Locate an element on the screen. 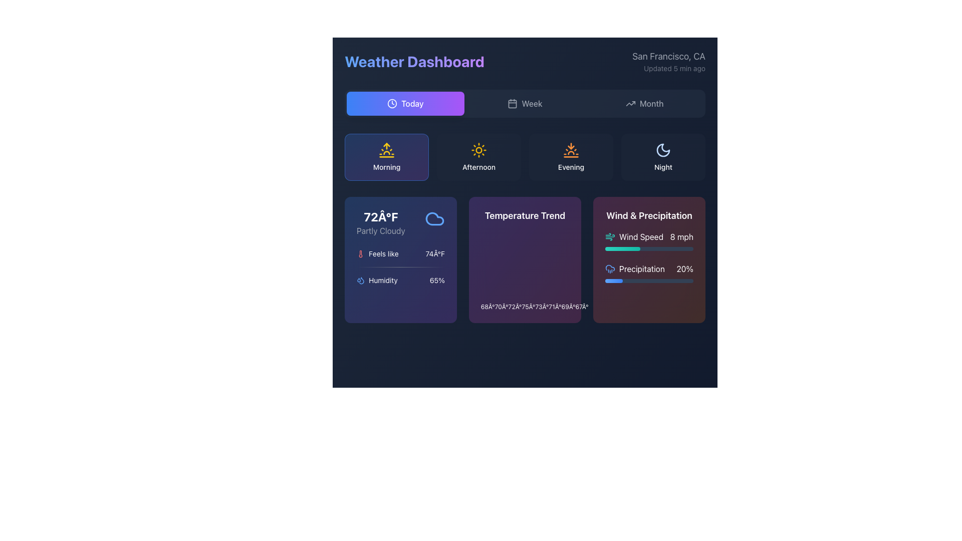 The image size is (962, 541). displayed wind speed value from the text element located centrally in the 'Wind & Precipitation' section of the weather dashboard is located at coordinates (649, 237).